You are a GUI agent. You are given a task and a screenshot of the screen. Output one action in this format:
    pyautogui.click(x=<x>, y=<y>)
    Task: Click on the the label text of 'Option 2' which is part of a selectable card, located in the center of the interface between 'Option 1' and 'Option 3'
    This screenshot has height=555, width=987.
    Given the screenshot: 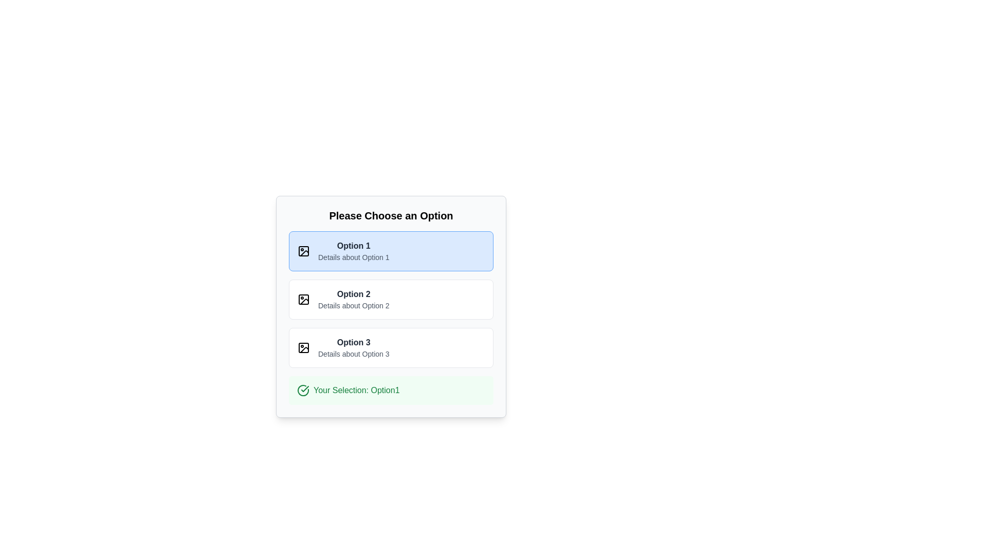 What is the action you would take?
    pyautogui.click(x=354, y=299)
    